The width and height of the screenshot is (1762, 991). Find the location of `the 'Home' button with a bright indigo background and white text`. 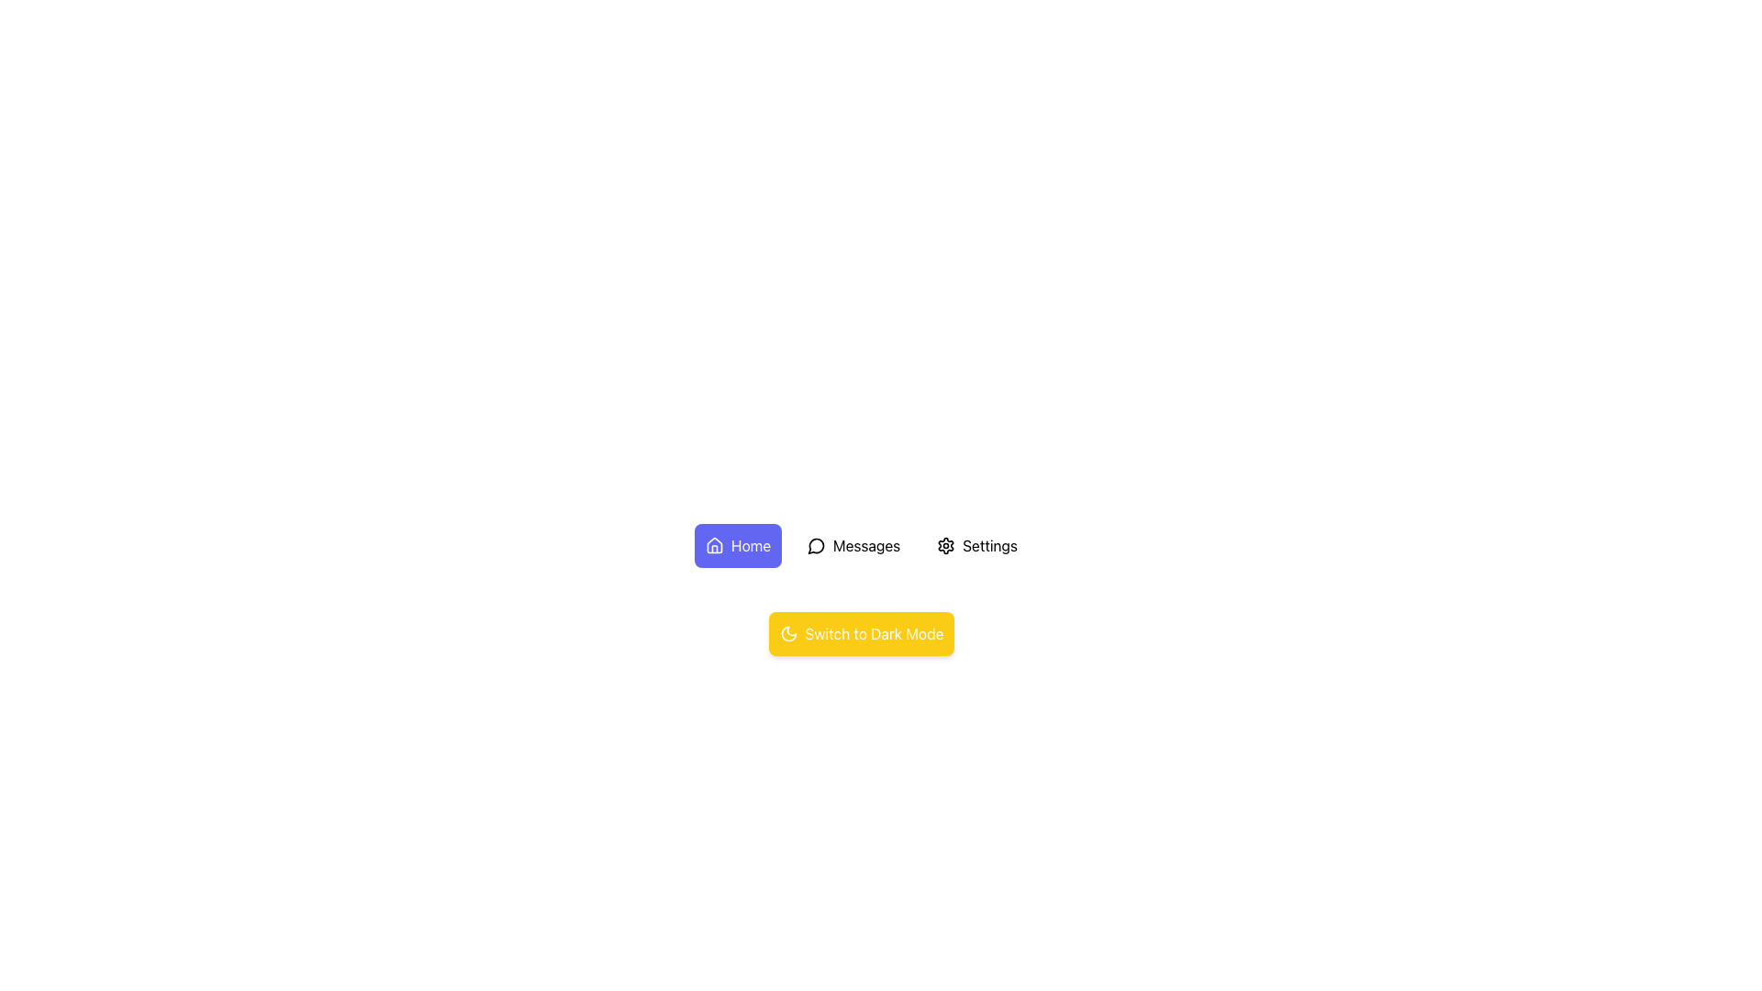

the 'Home' button with a bright indigo background and white text is located at coordinates (738, 544).